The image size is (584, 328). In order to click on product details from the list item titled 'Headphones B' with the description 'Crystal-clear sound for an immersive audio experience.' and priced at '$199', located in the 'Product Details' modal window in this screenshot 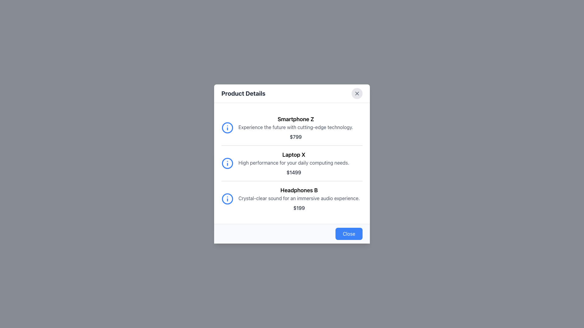, I will do `click(292, 199)`.